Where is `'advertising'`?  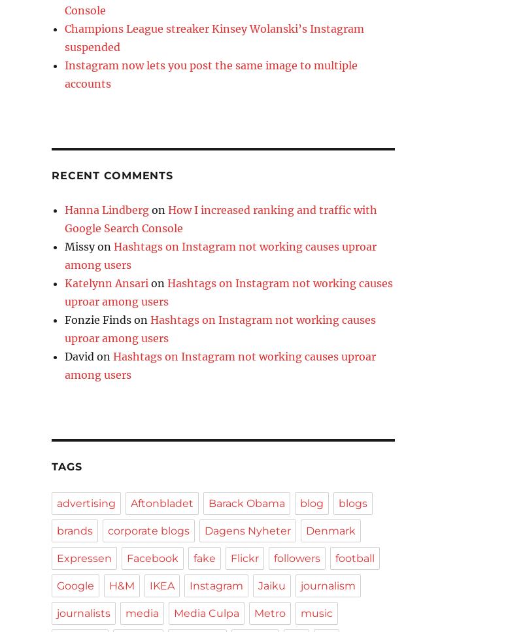 'advertising' is located at coordinates (86, 502).